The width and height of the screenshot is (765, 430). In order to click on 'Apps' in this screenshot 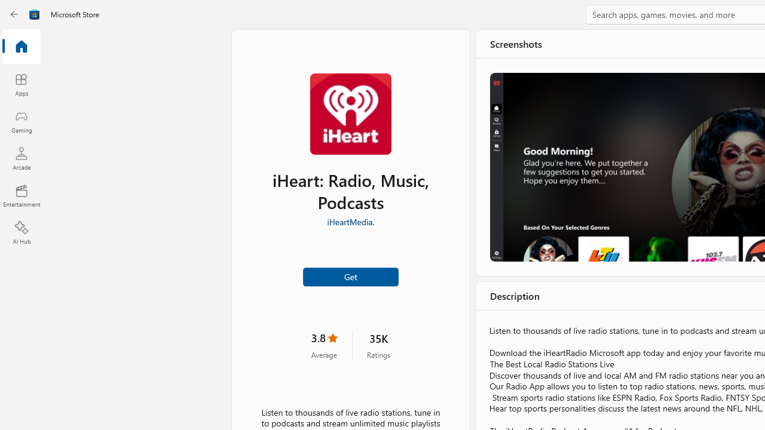, I will do `click(21, 84)`.